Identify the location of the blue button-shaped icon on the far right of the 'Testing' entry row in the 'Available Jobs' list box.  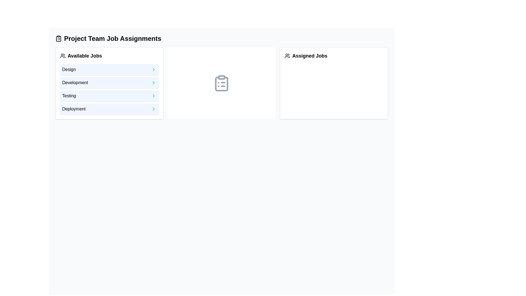
(153, 96).